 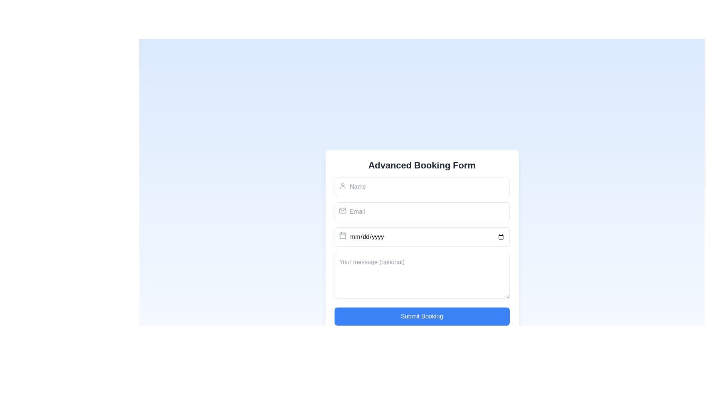 I want to click on the 'Submit Booking' button, which is a wide rectangular button with rounded corners, blue background, and white text, located at the bottom of the booking form, so click(x=421, y=316).